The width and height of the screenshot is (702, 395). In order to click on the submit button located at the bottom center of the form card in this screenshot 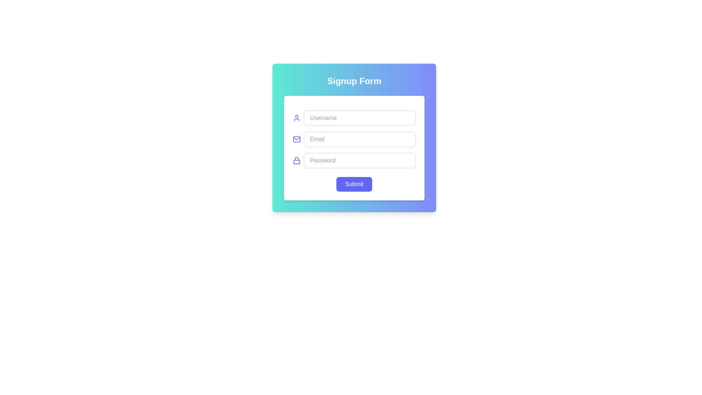, I will do `click(354, 184)`.